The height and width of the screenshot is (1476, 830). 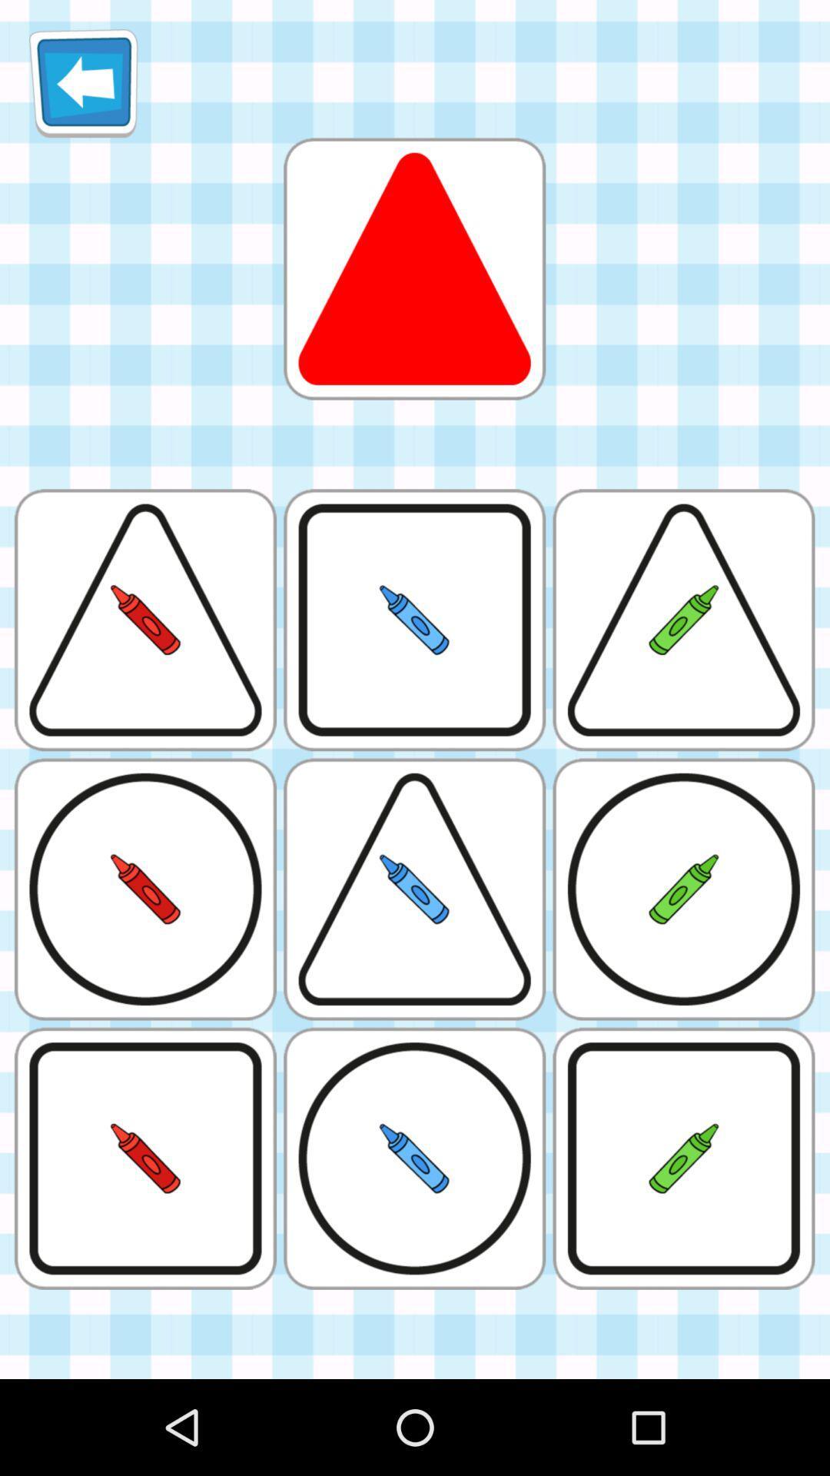 I want to click on the first red colour which is at the top of the page, so click(x=415, y=269).